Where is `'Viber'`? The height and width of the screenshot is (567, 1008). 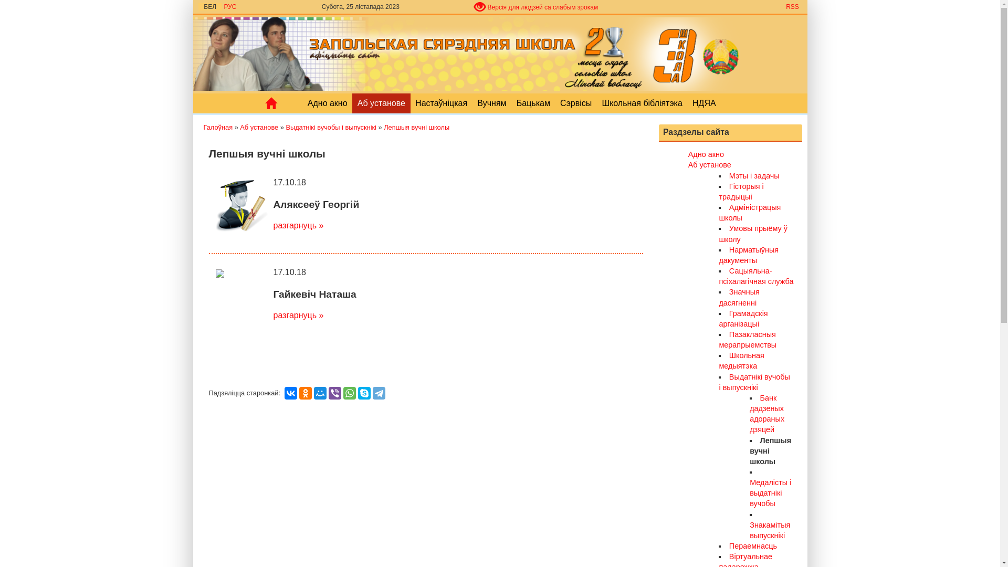
'Viber' is located at coordinates (328, 393).